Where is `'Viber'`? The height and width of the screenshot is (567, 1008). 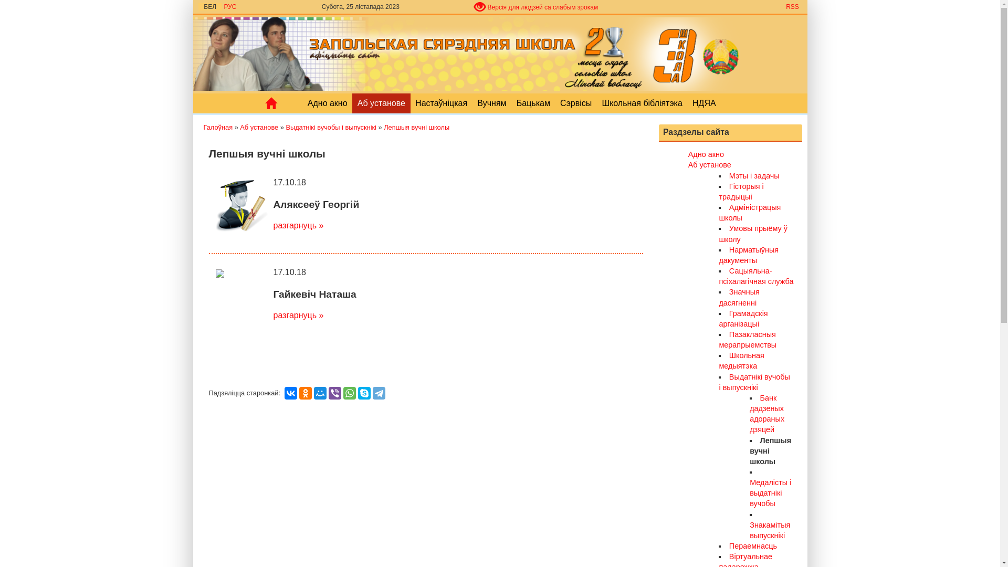
'Viber' is located at coordinates (328, 393).